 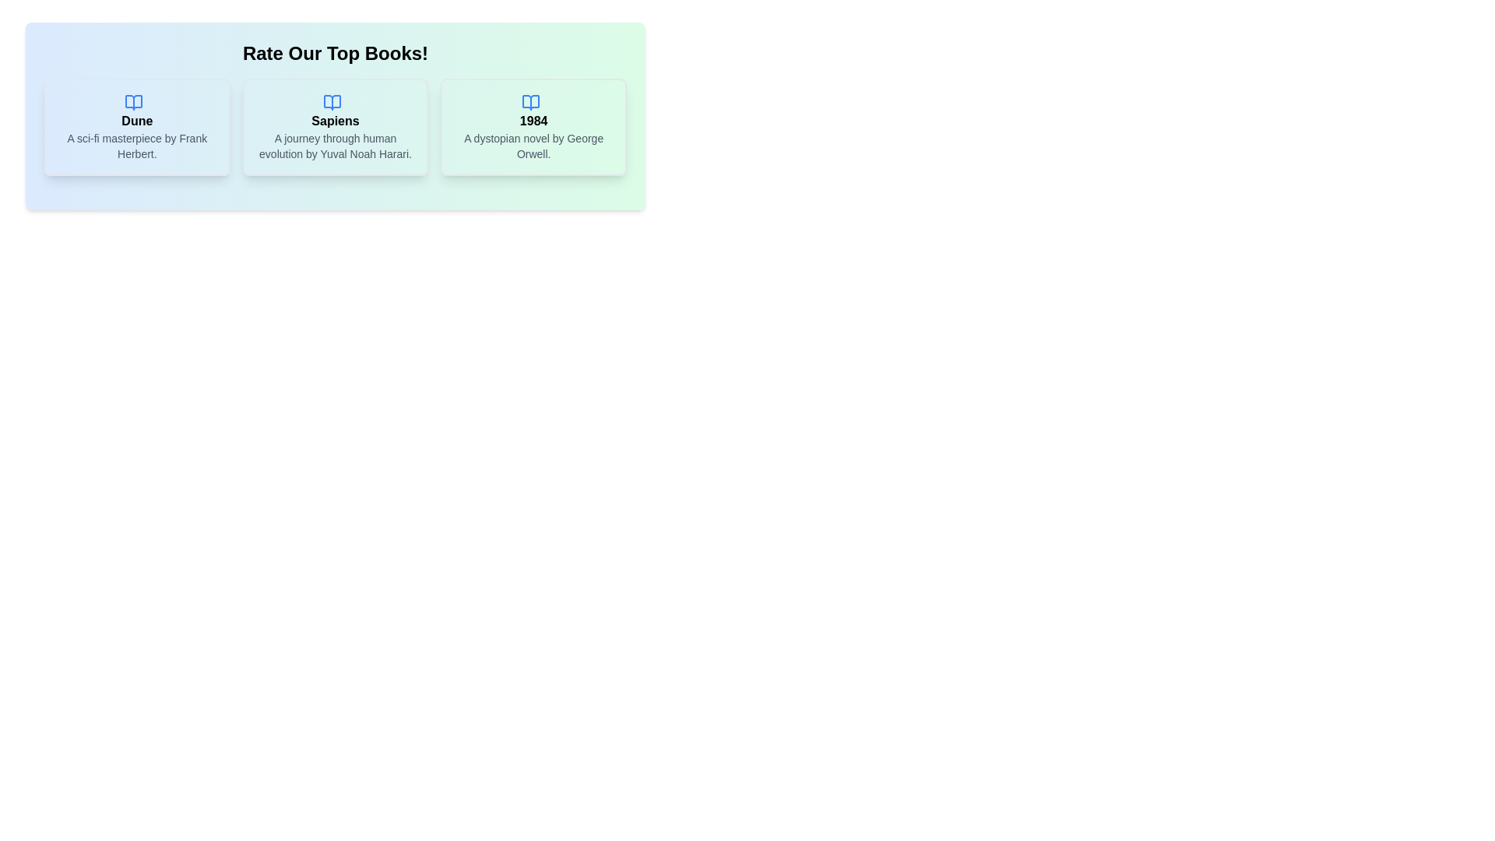 I want to click on the decorative icon related to books in the 'Dune' card element, located at the top-left entry of the horizontally arranged book cards, so click(x=134, y=102).